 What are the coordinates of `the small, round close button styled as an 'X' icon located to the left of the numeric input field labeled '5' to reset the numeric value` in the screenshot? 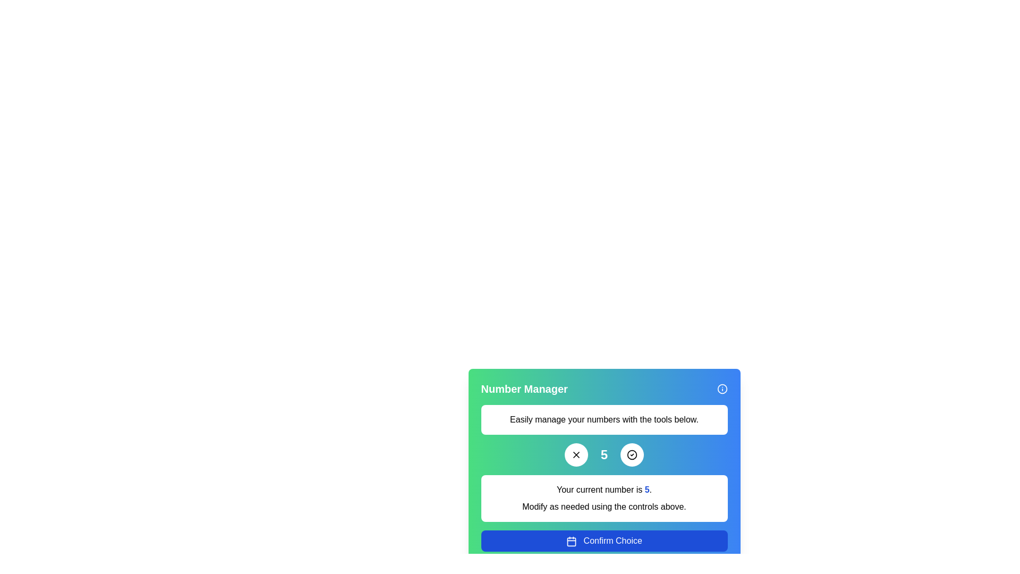 It's located at (575, 454).